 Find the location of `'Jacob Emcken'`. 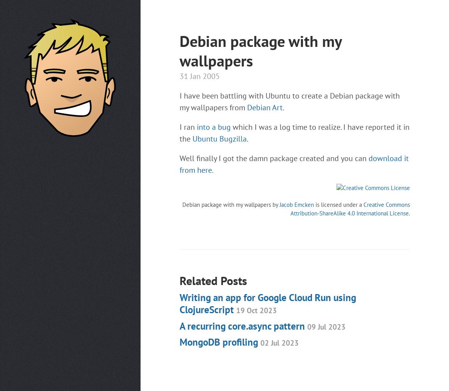

'Jacob Emcken' is located at coordinates (296, 204).